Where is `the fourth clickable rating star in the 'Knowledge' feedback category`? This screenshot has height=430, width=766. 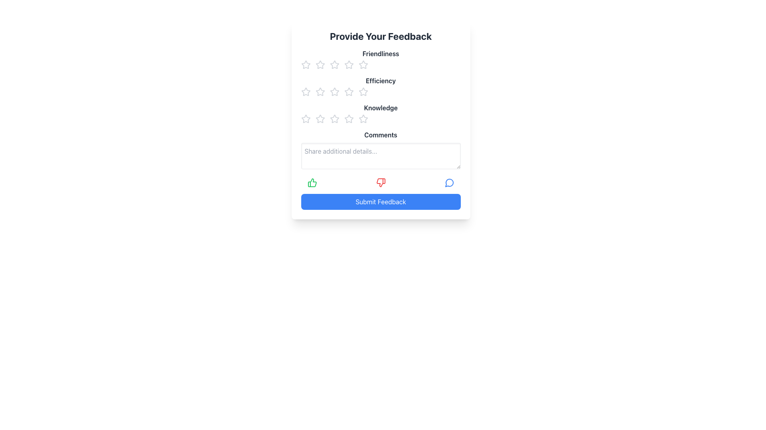 the fourth clickable rating star in the 'Knowledge' feedback category is located at coordinates (349, 119).